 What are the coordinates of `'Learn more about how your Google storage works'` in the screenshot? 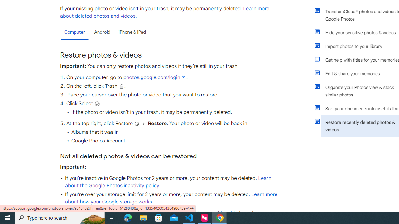 It's located at (171, 198).